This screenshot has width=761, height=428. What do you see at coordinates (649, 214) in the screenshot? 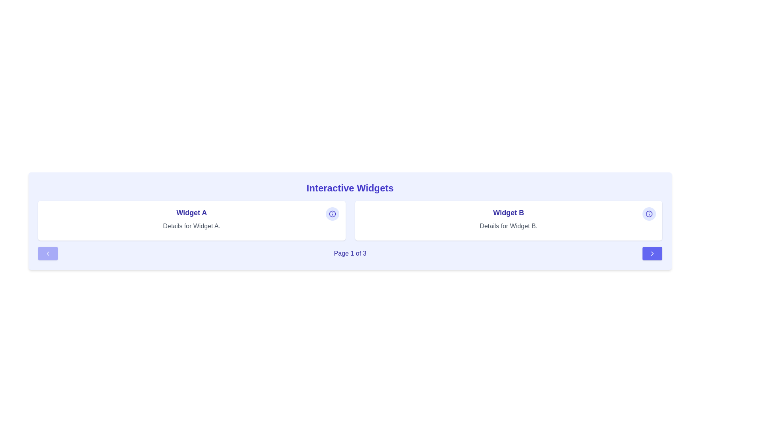
I see `the circular button with a light indigo background and darker indigo border, containing an info icon 'i', located in the top-right corner of the card labeled 'Widget B' to possibly display a tooltip` at bounding box center [649, 214].